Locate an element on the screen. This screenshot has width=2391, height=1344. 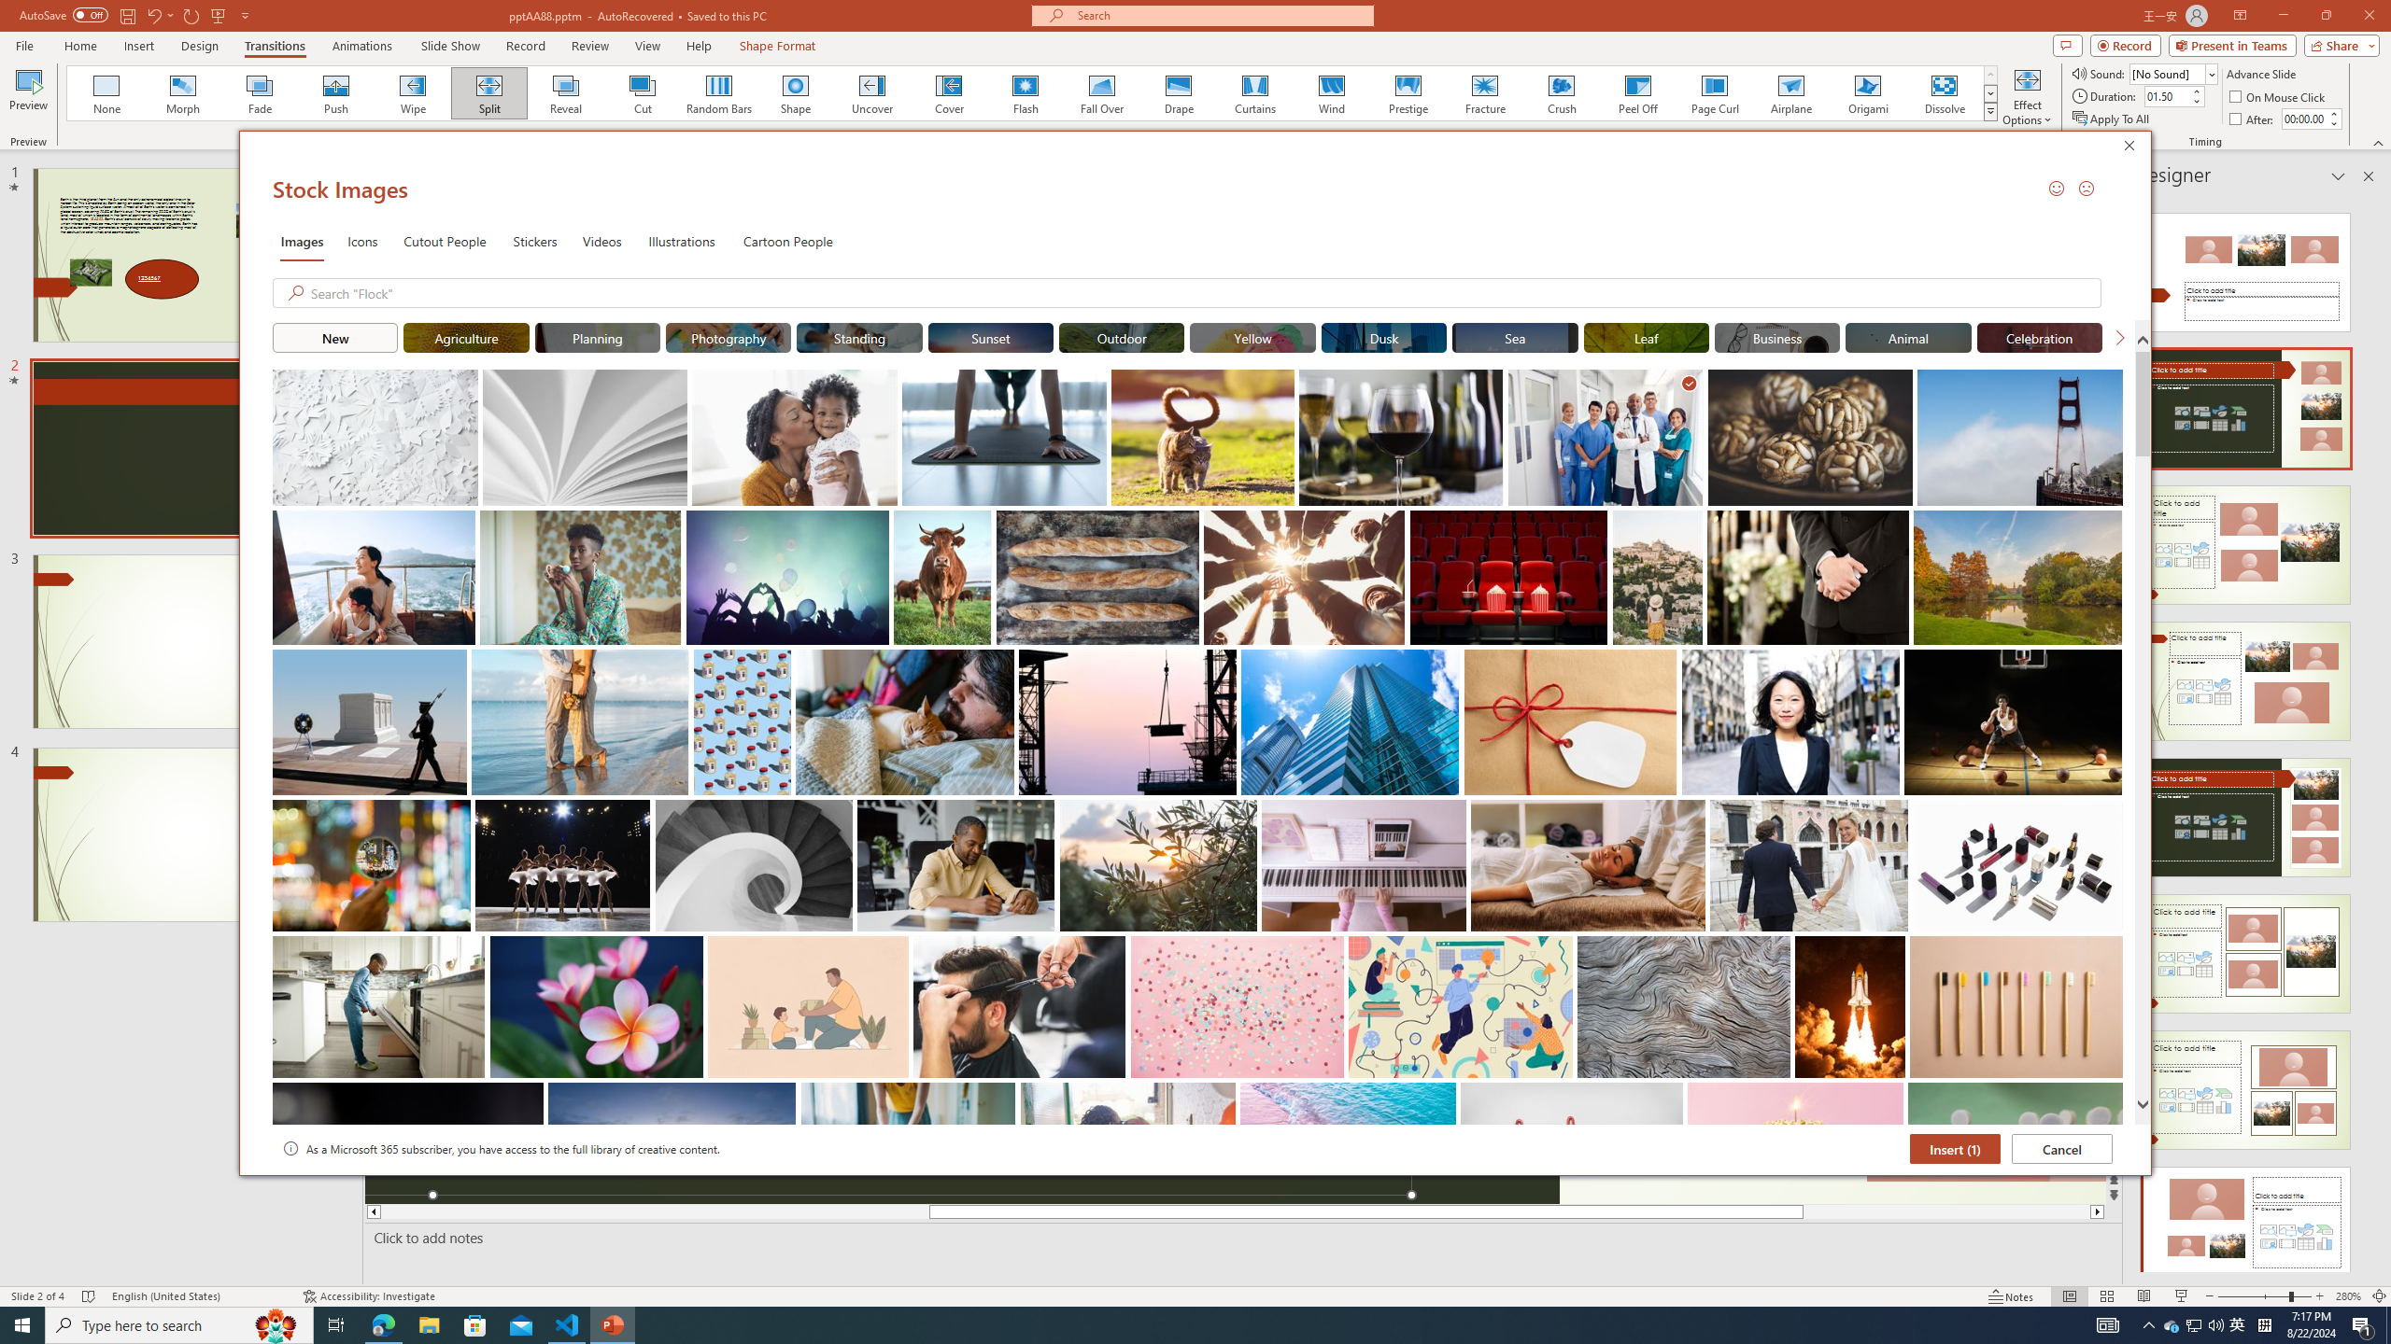
'More' is located at coordinates (2333, 112).